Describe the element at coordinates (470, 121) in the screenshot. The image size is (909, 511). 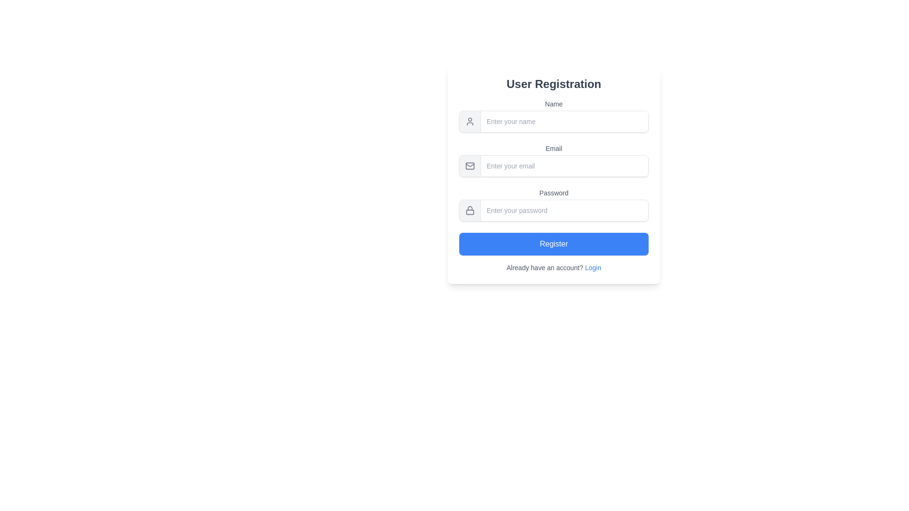
I see `the icon that visually conveys the purpose of the input field for entering a name, located on the left side of the 'Enter your name' text input in the 'User Registration' form` at that location.